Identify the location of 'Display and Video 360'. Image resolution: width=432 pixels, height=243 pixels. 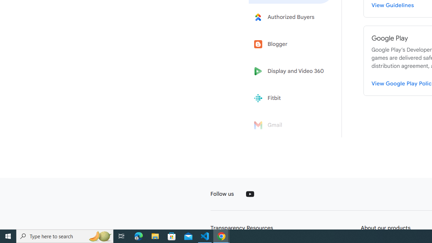
(291, 71).